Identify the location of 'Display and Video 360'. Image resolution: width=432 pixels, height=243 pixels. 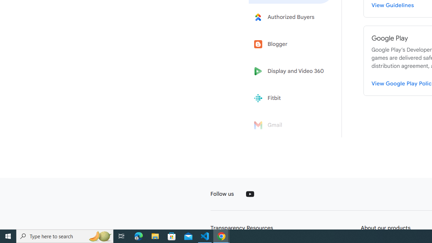
(291, 71).